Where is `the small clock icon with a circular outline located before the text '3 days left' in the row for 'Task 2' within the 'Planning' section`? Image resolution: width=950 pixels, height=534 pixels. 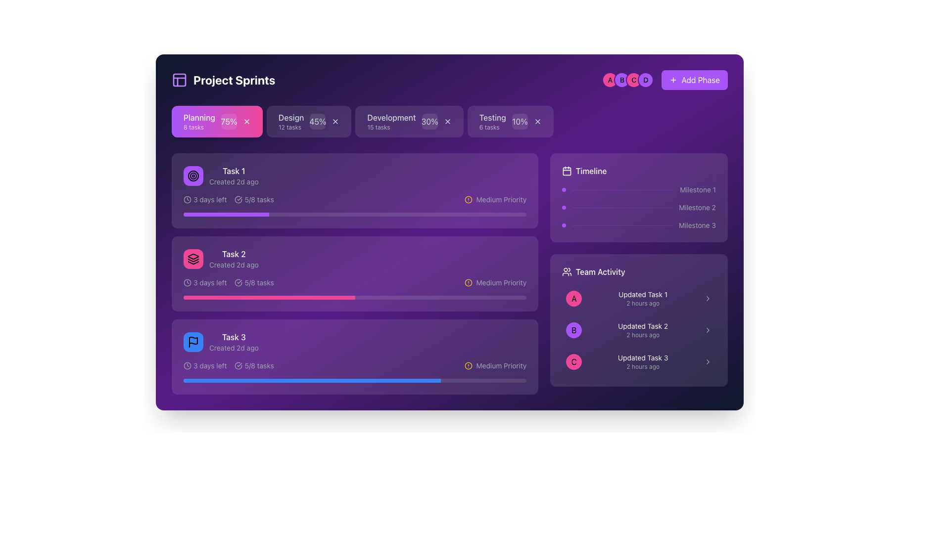
the small clock icon with a circular outline located before the text '3 days left' in the row for 'Task 2' within the 'Planning' section is located at coordinates (188, 282).